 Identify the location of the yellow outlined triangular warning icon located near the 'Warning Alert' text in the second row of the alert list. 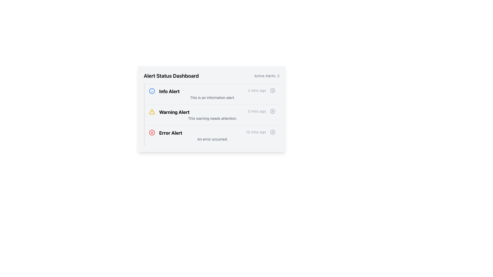
(151, 111).